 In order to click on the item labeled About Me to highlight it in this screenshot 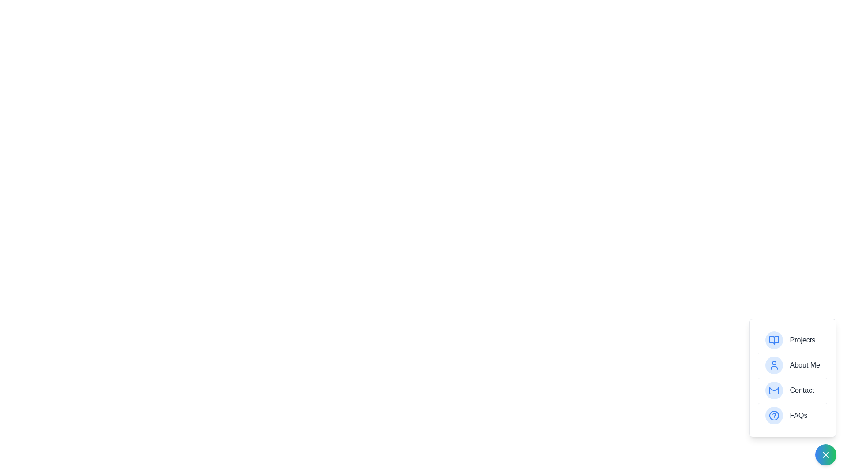, I will do `click(792, 365)`.